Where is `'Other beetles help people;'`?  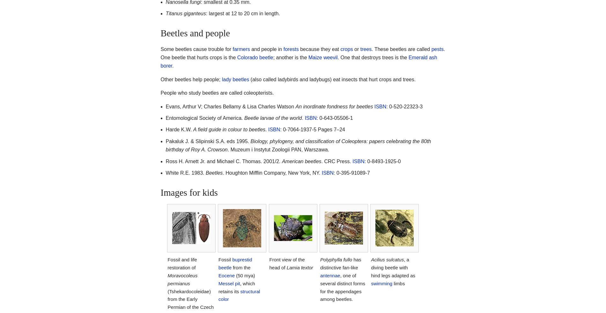 'Other beetles help people;' is located at coordinates (191, 79).